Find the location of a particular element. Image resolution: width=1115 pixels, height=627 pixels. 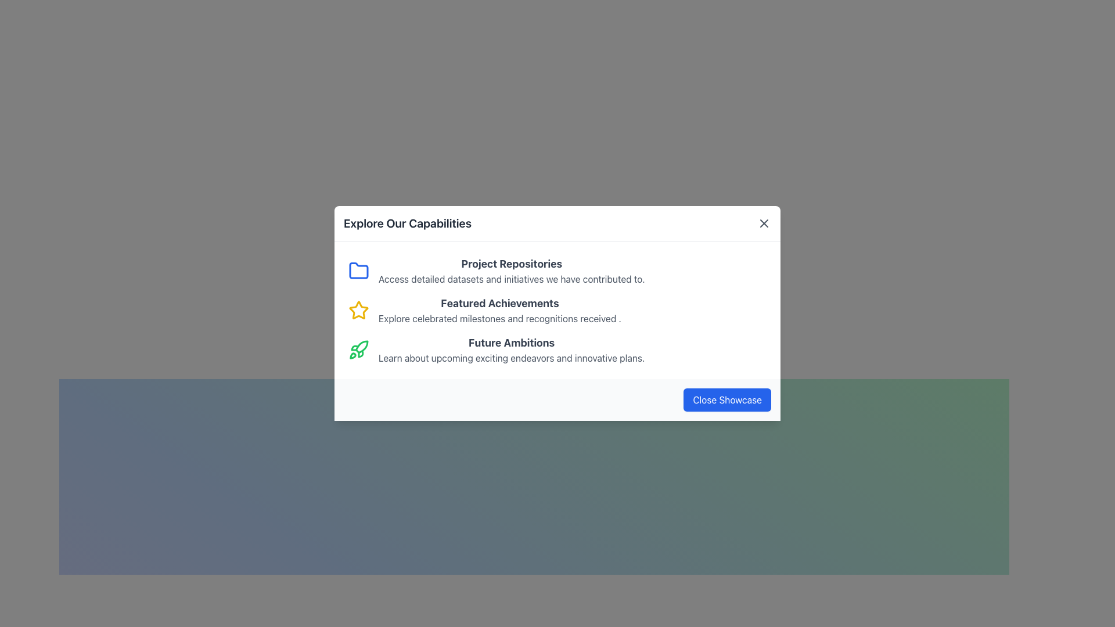

the decorative star icon associated with 'Featured Achievements' located in the middle of the dialog box is located at coordinates (358, 309).